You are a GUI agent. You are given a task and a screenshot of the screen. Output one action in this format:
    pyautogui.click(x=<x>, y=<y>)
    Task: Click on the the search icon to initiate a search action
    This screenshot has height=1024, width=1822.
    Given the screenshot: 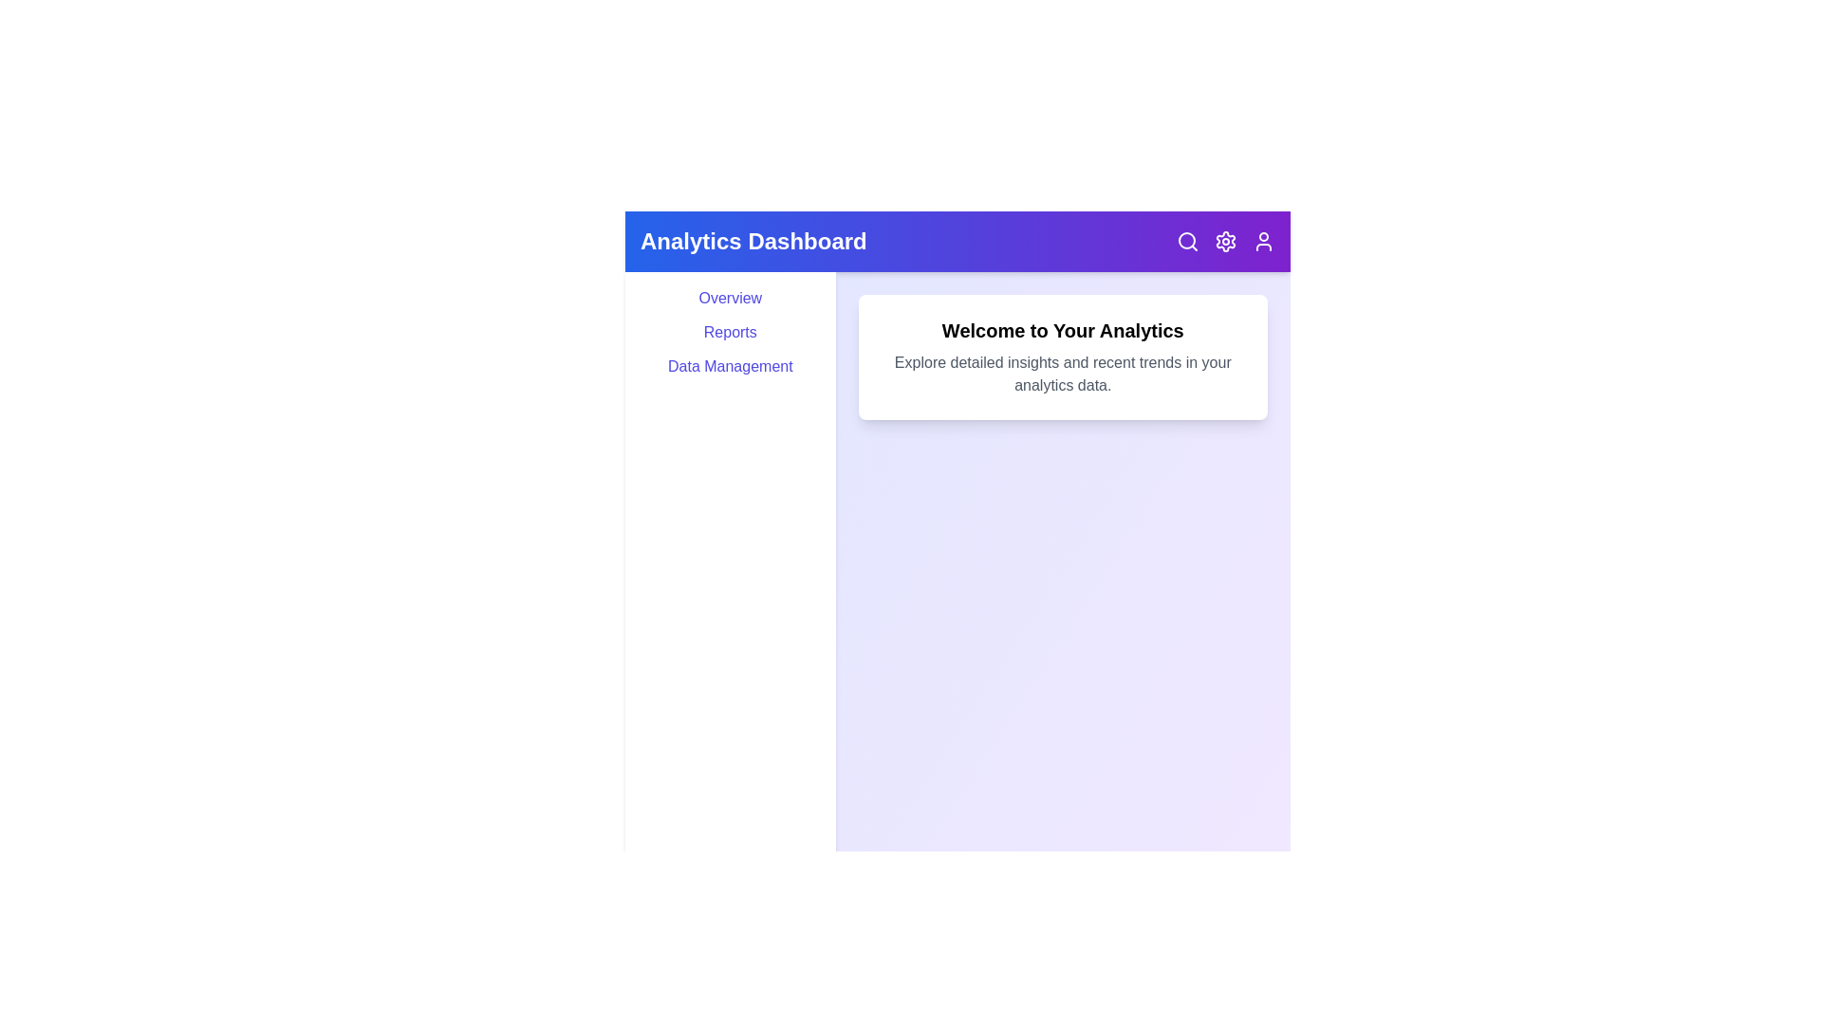 What is the action you would take?
    pyautogui.click(x=1187, y=240)
    